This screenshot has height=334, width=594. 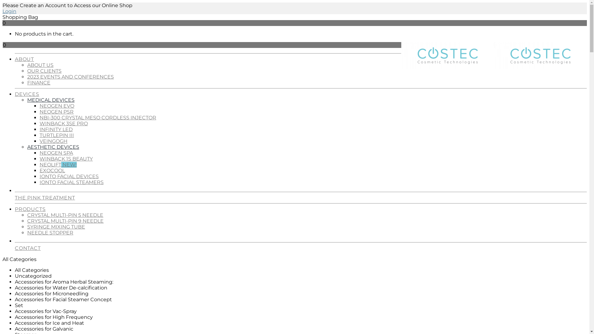 What do you see at coordinates (9, 11) in the screenshot?
I see `'Login'` at bounding box center [9, 11].